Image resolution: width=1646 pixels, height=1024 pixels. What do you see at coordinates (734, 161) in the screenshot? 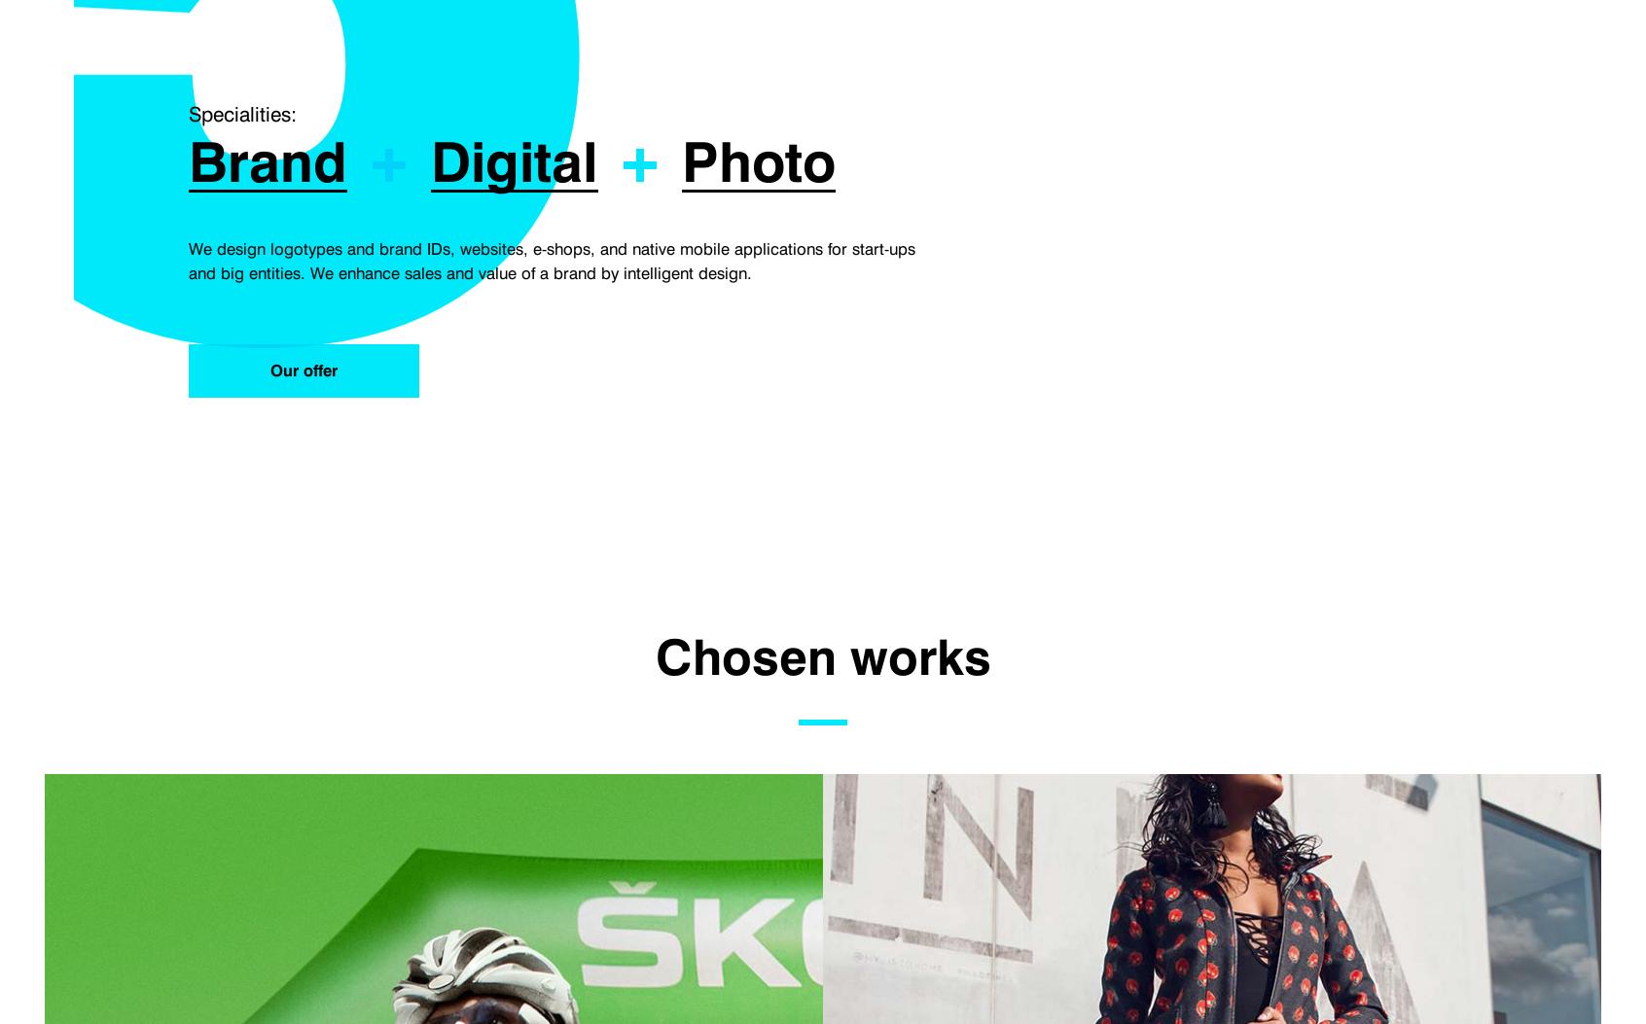
I see `'h'` at bounding box center [734, 161].